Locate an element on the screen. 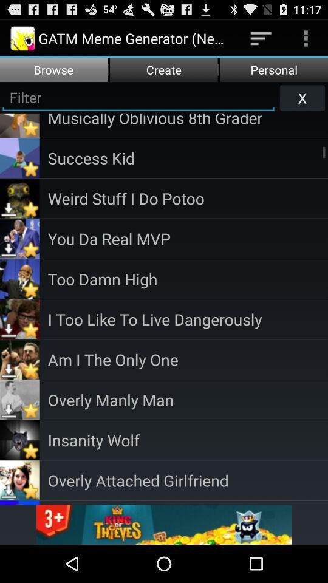 This screenshot has width=328, height=583. the am i the item is located at coordinates (188, 359).